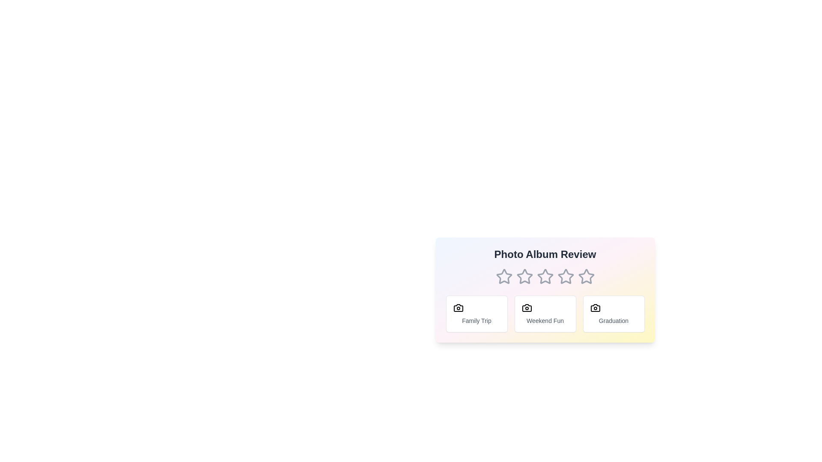 This screenshot has width=822, height=462. I want to click on the camera icon associated with the tag Weekend Fun, so click(526, 308).